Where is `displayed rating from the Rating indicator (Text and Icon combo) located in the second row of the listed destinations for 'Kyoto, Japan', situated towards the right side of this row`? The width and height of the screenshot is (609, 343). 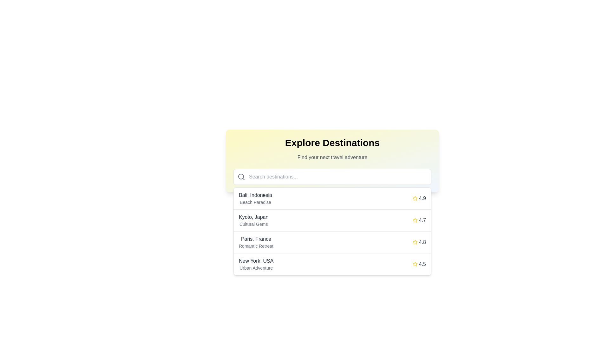 displayed rating from the Rating indicator (Text and Icon combo) located in the second row of the listed destinations for 'Kyoto, Japan', situated towards the right side of this row is located at coordinates (419, 220).